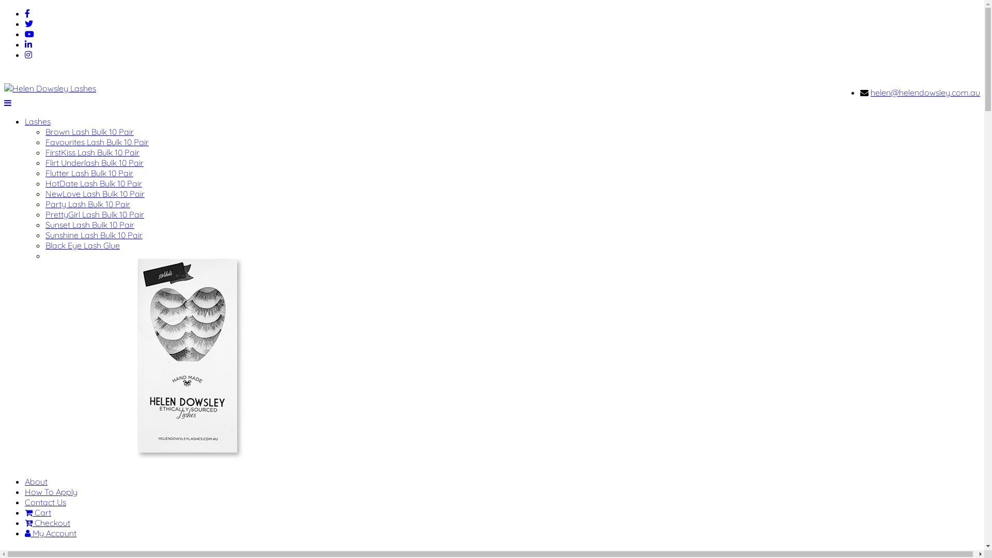 The image size is (992, 558). Describe the element at coordinates (97, 142) in the screenshot. I see `'Favourites Lash Bulk 10 Pair'` at that location.